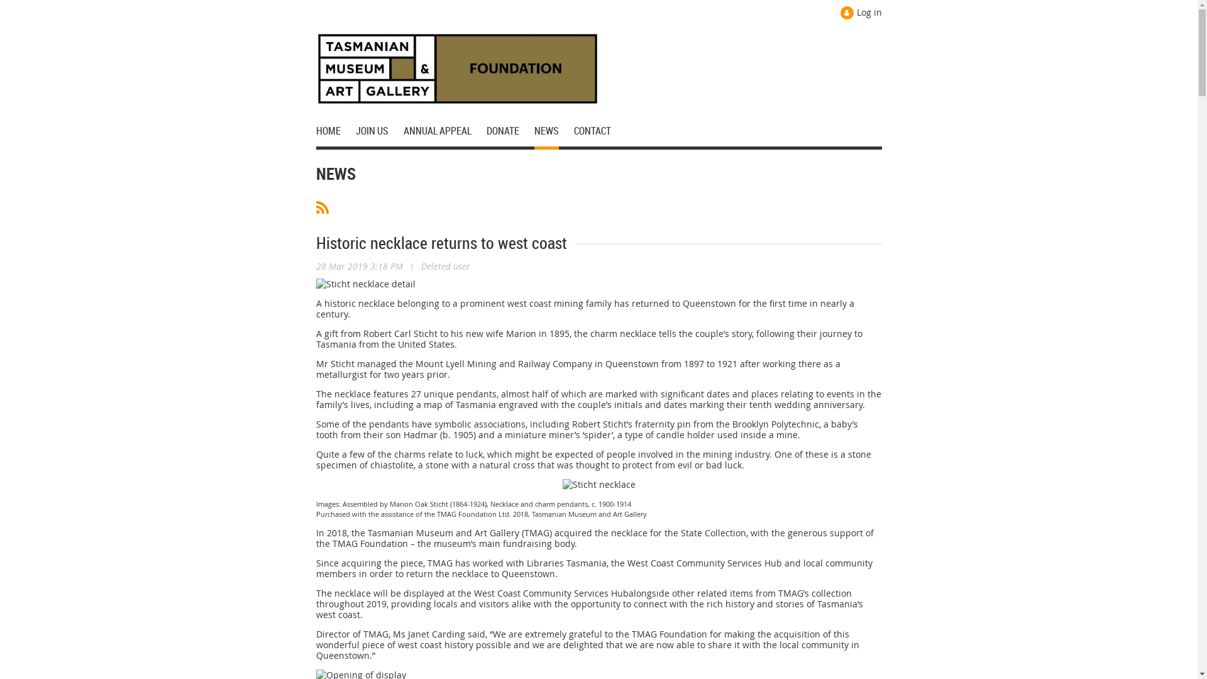  Describe the element at coordinates (839, 13) in the screenshot. I see `'Log in'` at that location.